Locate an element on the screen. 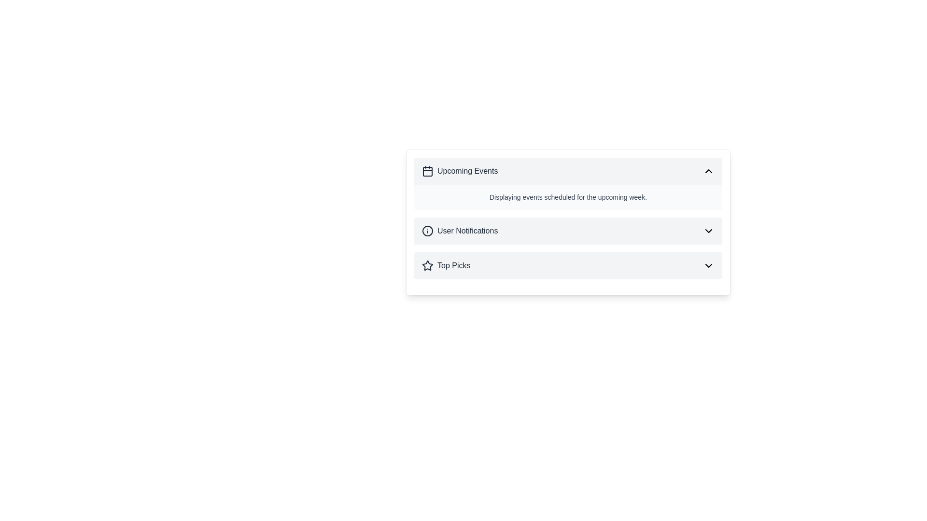 The image size is (927, 521). the star-shaped icon with a hollow center, located directly before the text 'Top Picks' in the vertically stacked list of sections is located at coordinates (427, 266).